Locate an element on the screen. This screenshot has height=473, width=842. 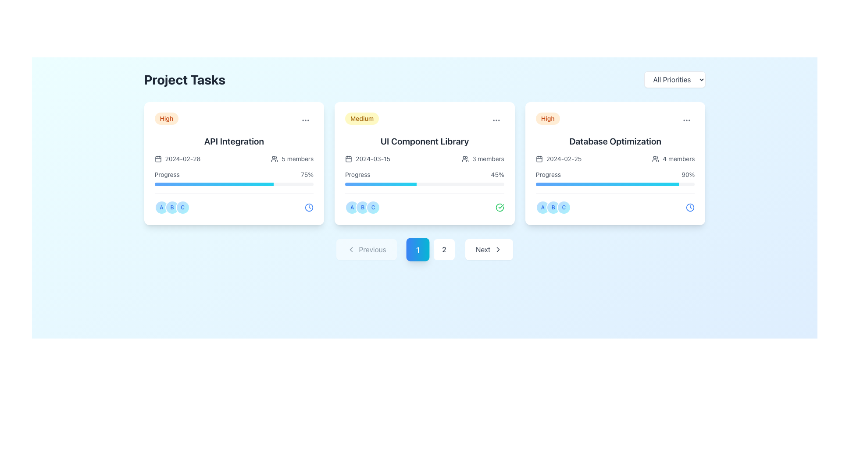
the text label displaying '90%' located near the right side of the horizontal progress bar in the 'Database Optimization' card is located at coordinates (688, 174).